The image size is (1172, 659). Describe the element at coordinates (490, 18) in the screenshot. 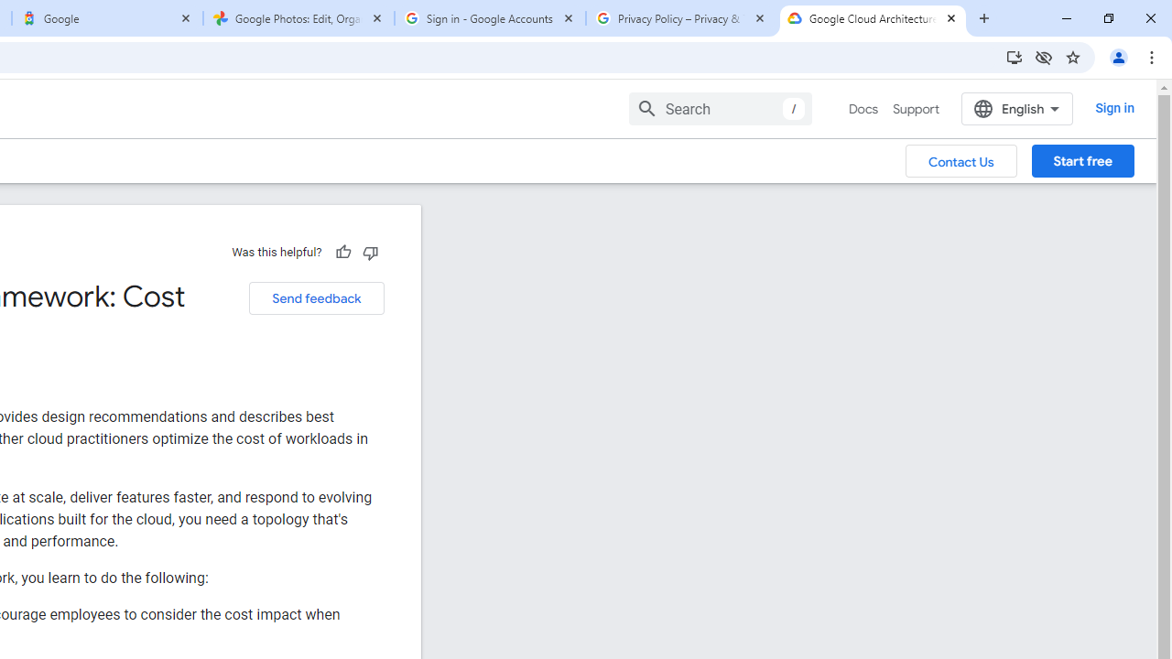

I see `'Sign in - Google Accounts'` at that location.